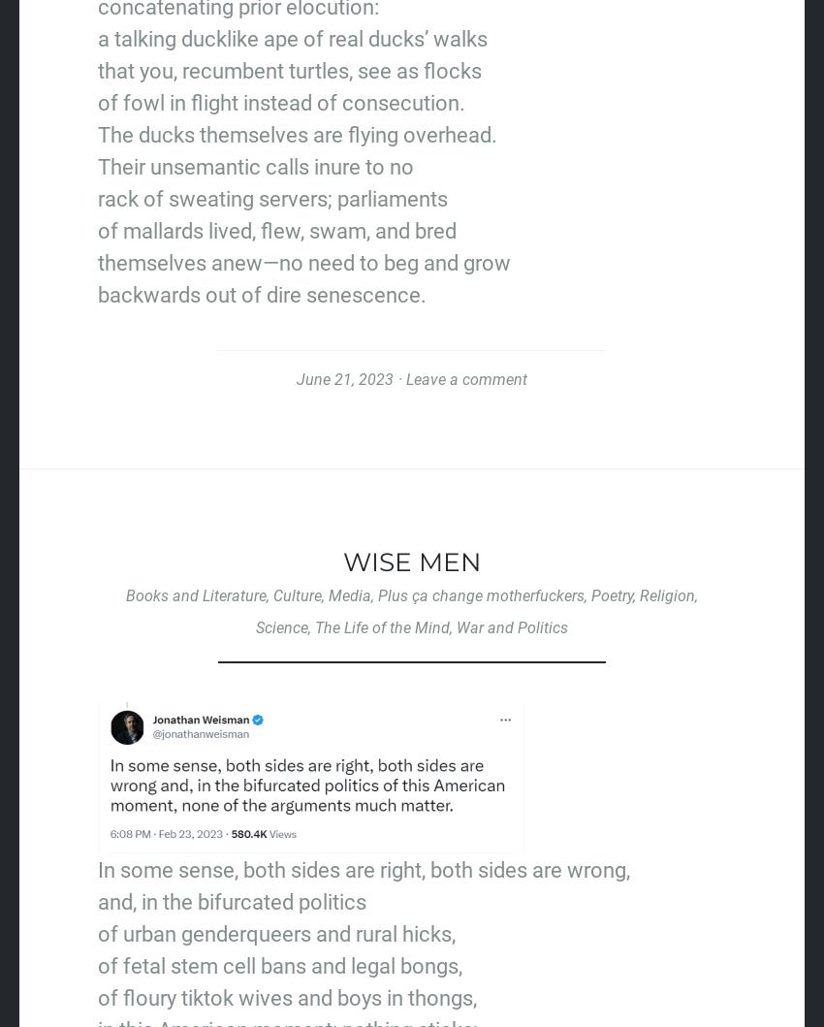  What do you see at coordinates (261, 295) in the screenshot?
I see `'backwards out of dire senescence.'` at bounding box center [261, 295].